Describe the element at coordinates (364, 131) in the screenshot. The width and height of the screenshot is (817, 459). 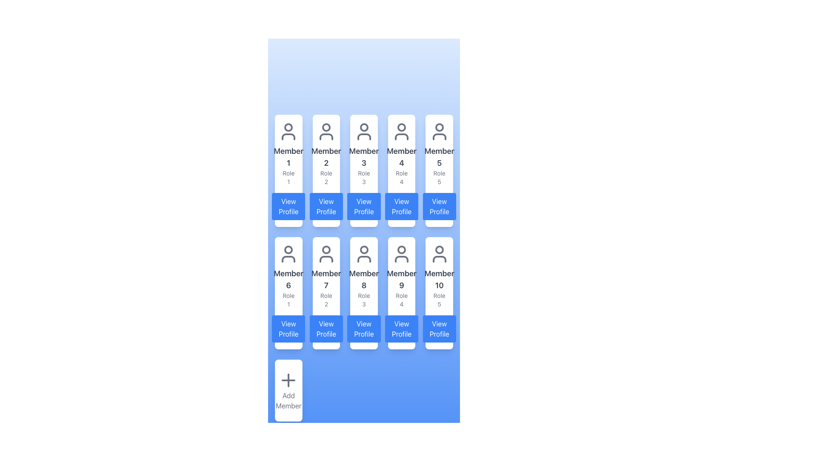
I see `the circular user icon with a gray color and a simplified person silhouette located at the top-center of the third card, above the text 'Member 3' and 'Role 3'` at that location.